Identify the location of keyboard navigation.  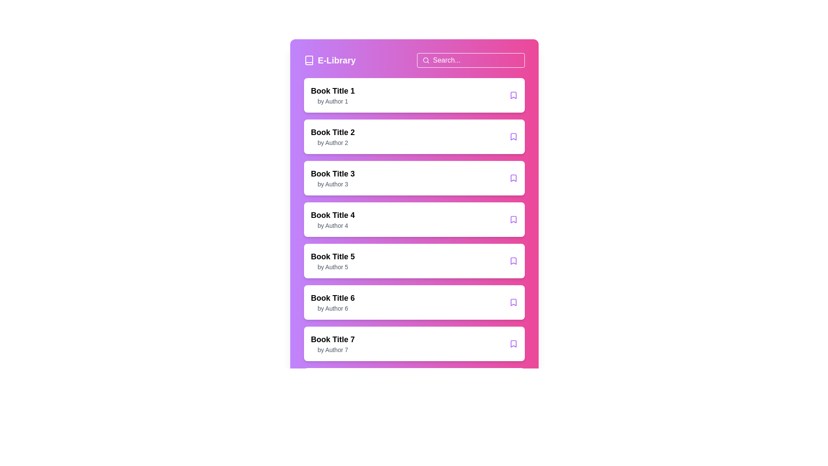
(513, 219).